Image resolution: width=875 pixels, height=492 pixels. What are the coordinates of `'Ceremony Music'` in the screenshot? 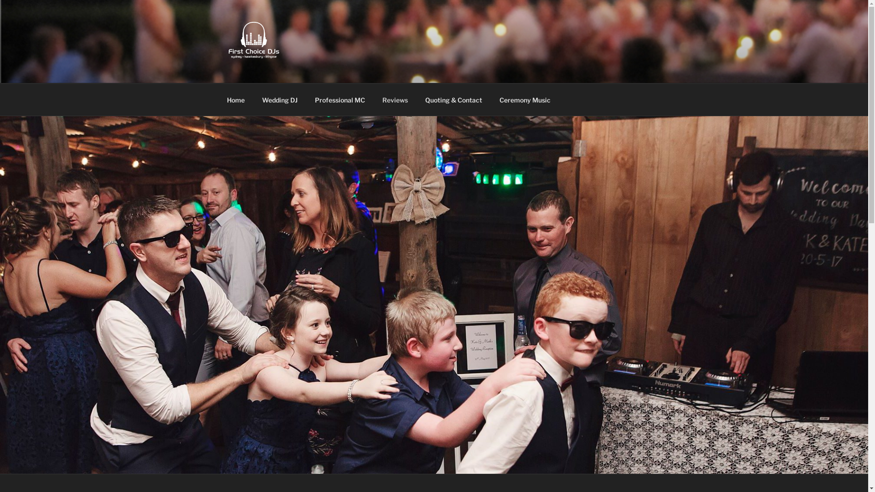 It's located at (525, 99).